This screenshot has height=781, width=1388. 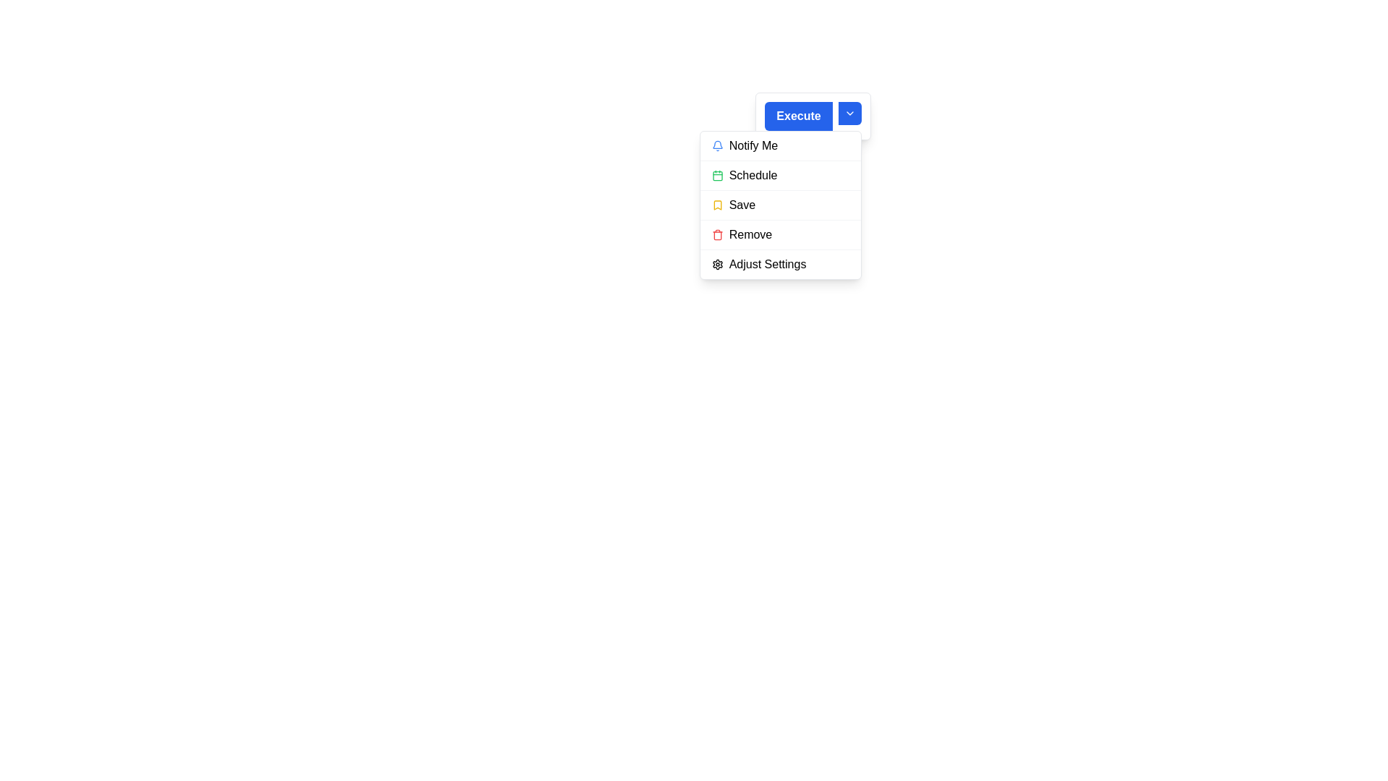 What do you see at coordinates (717, 265) in the screenshot?
I see `the settings icon located to the left of the 'Adjust Settings' menu item in the dropdown interface` at bounding box center [717, 265].